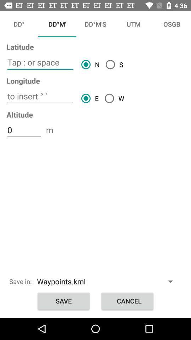 The width and height of the screenshot is (191, 340). I want to click on insert, so click(40, 96).